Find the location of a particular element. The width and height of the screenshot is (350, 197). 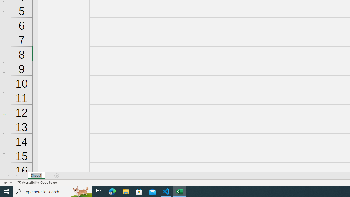

'Microsoft Edge' is located at coordinates (112, 191).